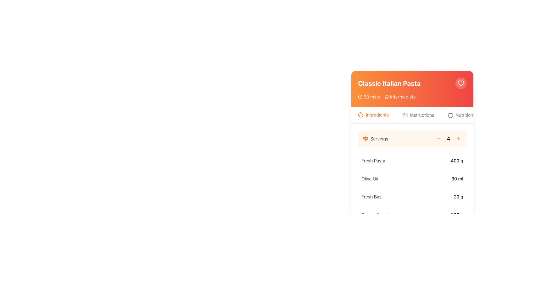  What do you see at coordinates (377, 115) in the screenshot?
I see `the 'Ingredients' tab label` at bounding box center [377, 115].